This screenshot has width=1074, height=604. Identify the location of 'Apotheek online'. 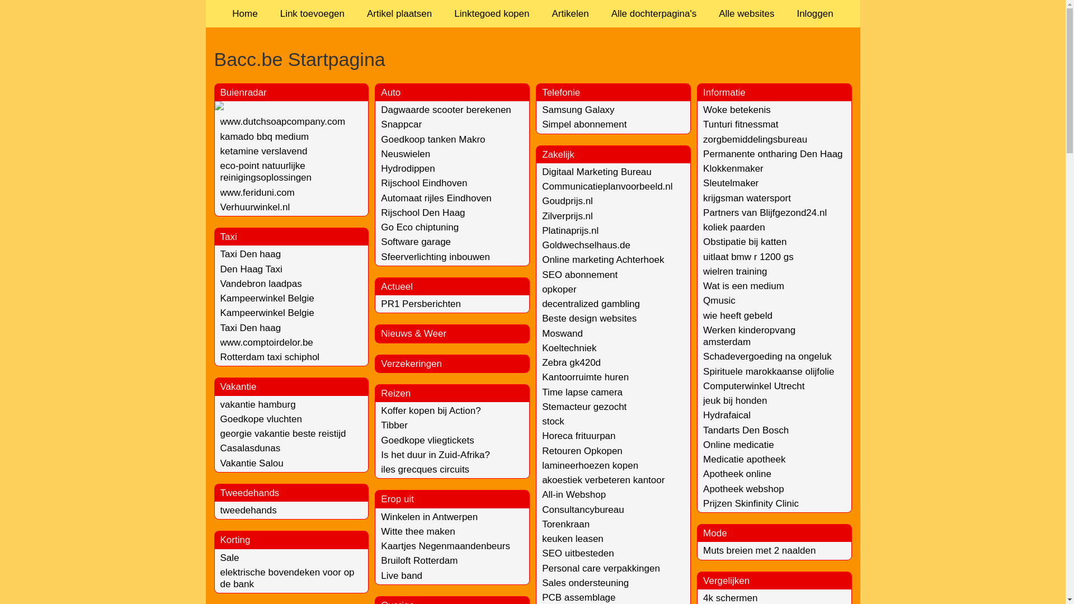
(737, 474).